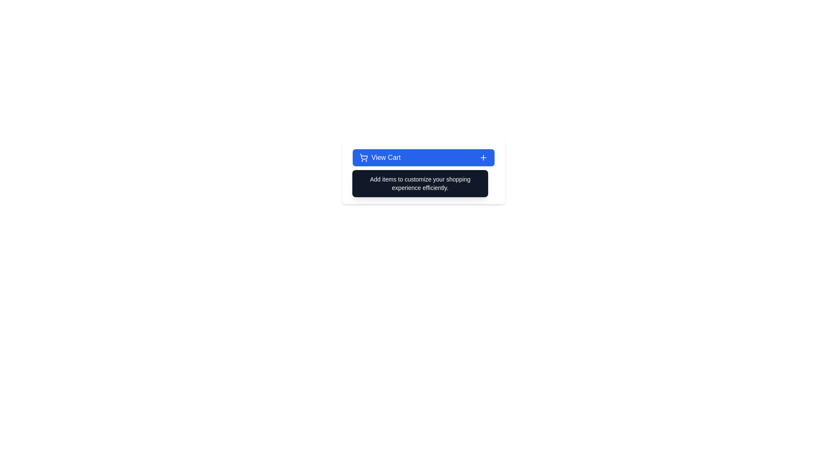 Image resolution: width=815 pixels, height=458 pixels. Describe the element at coordinates (424, 184) in the screenshot. I see `informational label with an icon located below the 'View Cart' section, providing instructions related to the shopping cart button interaction` at that location.